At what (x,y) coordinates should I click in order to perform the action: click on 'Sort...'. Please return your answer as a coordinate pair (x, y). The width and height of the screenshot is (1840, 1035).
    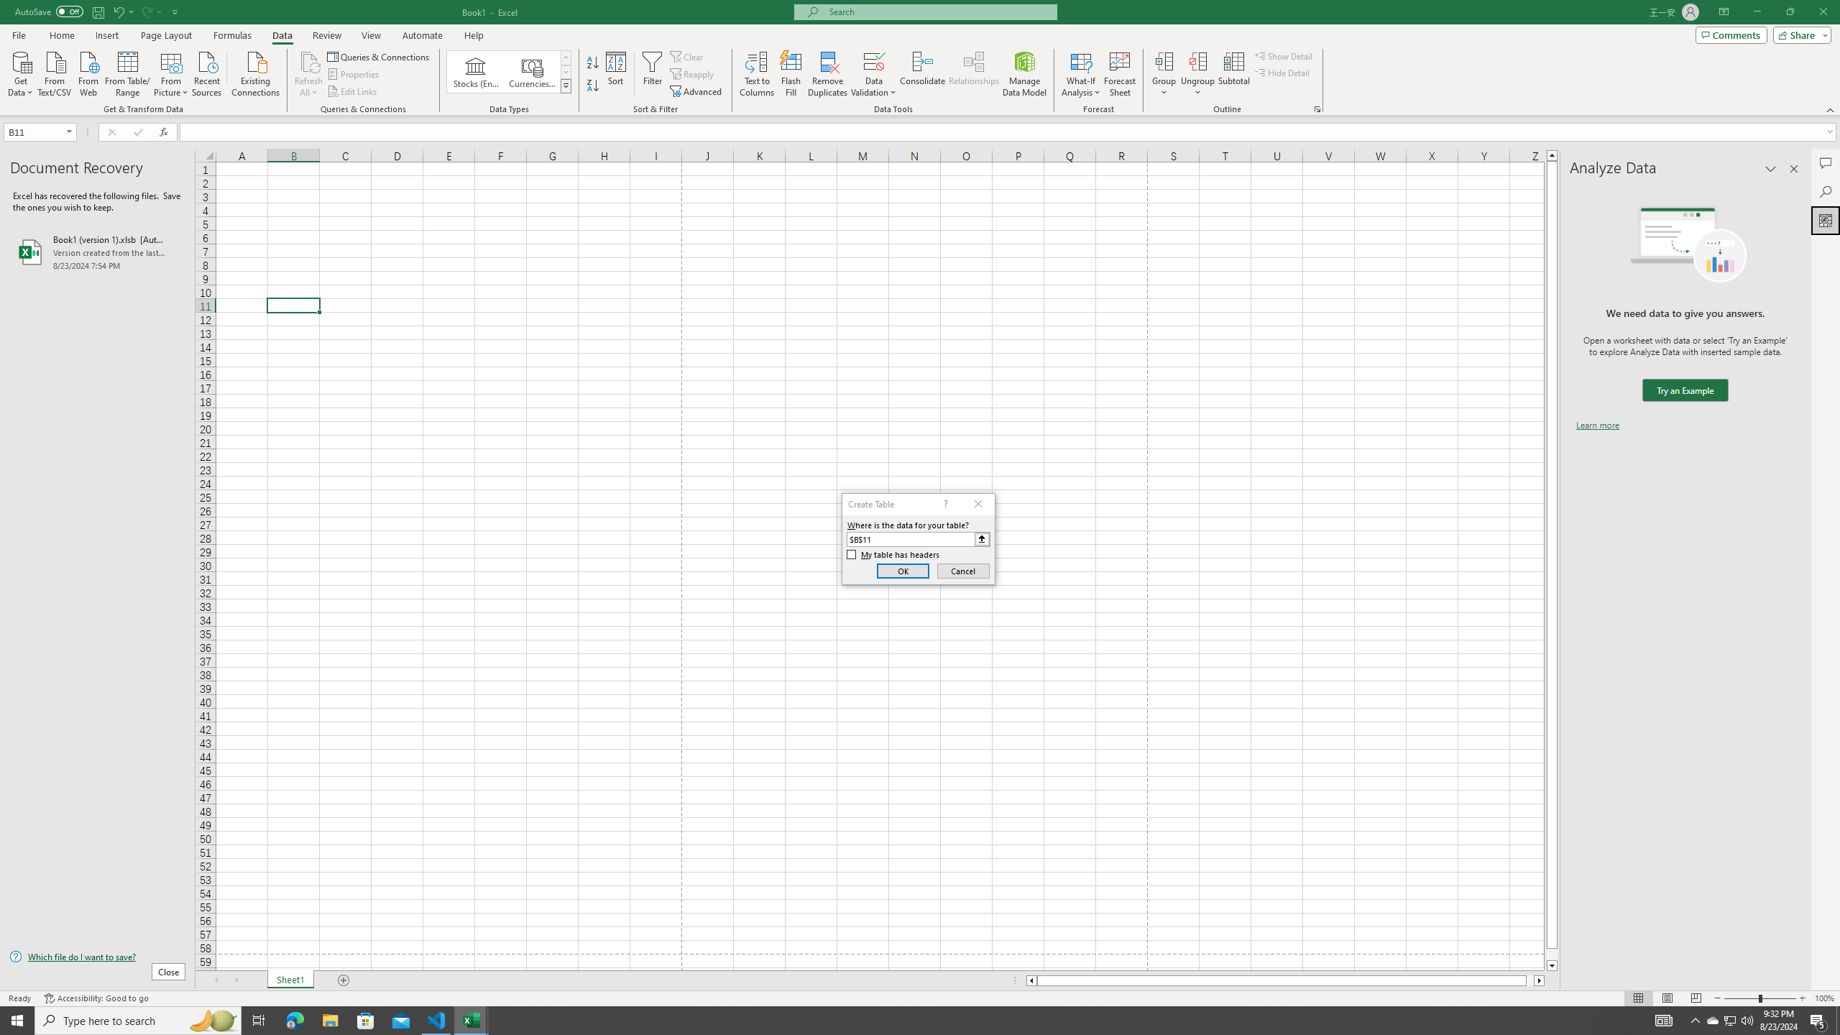
    Looking at the image, I should click on (615, 74).